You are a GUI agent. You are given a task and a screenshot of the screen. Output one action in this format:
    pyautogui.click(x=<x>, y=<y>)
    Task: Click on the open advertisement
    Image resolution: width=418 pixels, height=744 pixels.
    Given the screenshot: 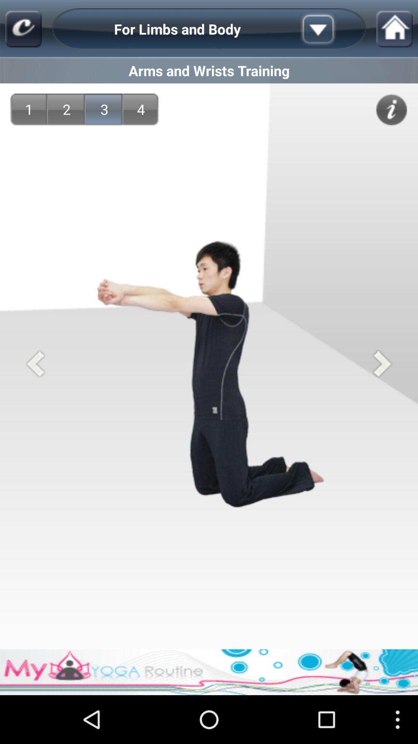 What is the action you would take?
    pyautogui.click(x=209, y=672)
    